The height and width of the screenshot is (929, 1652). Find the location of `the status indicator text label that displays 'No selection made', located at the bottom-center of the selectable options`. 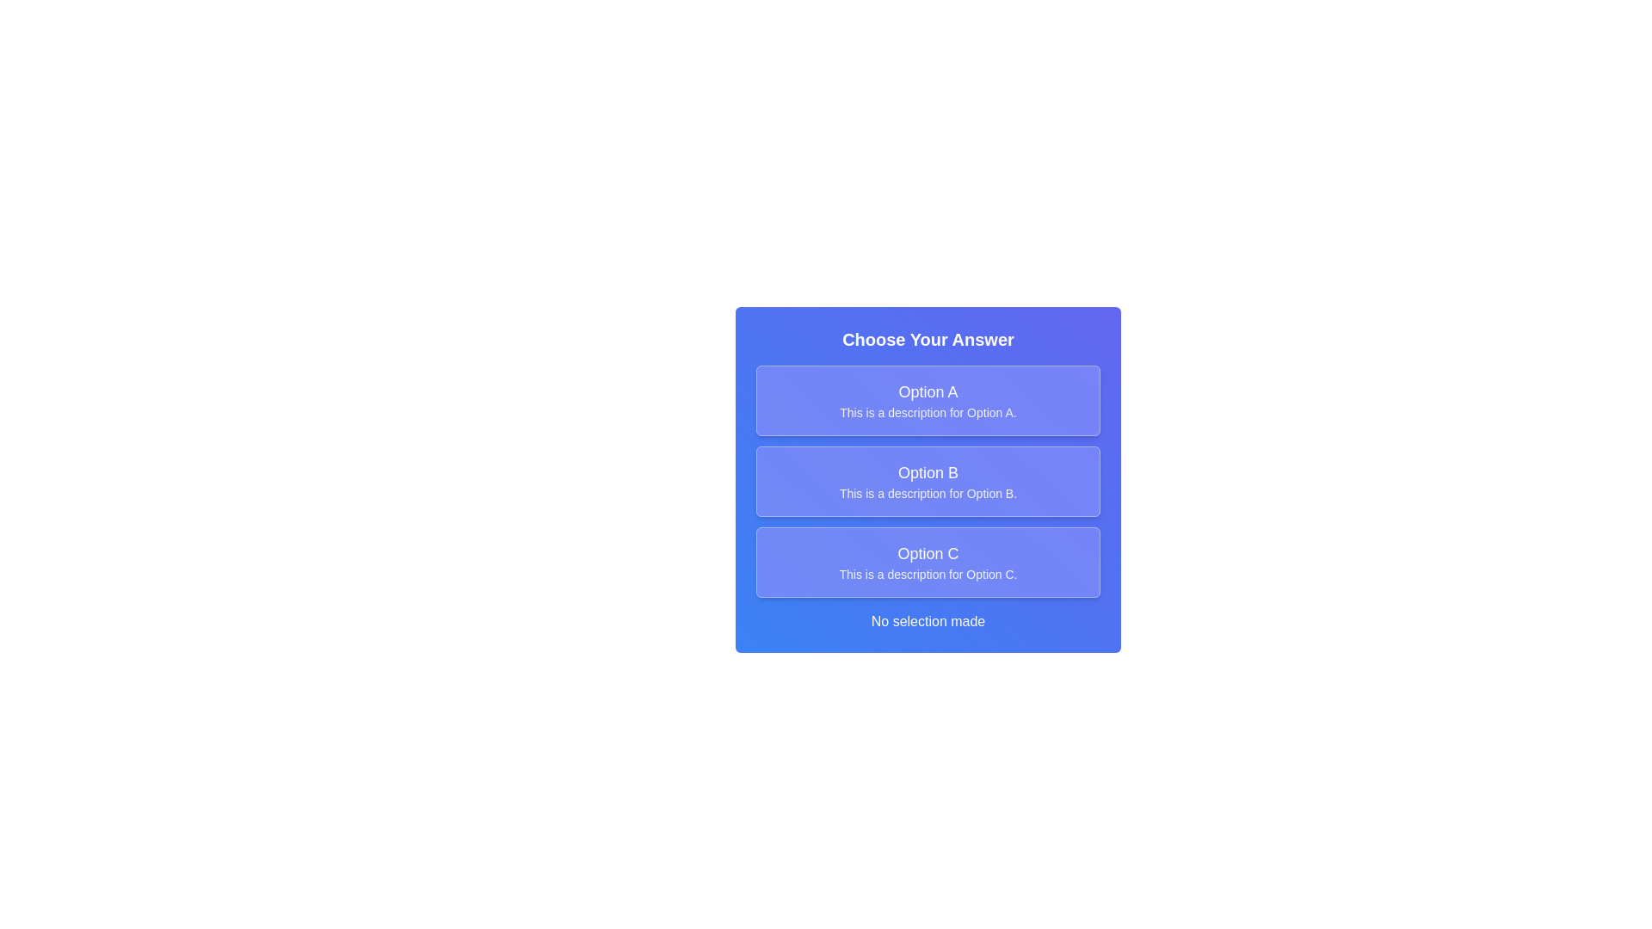

the status indicator text label that displays 'No selection made', located at the bottom-center of the selectable options is located at coordinates (928, 621).